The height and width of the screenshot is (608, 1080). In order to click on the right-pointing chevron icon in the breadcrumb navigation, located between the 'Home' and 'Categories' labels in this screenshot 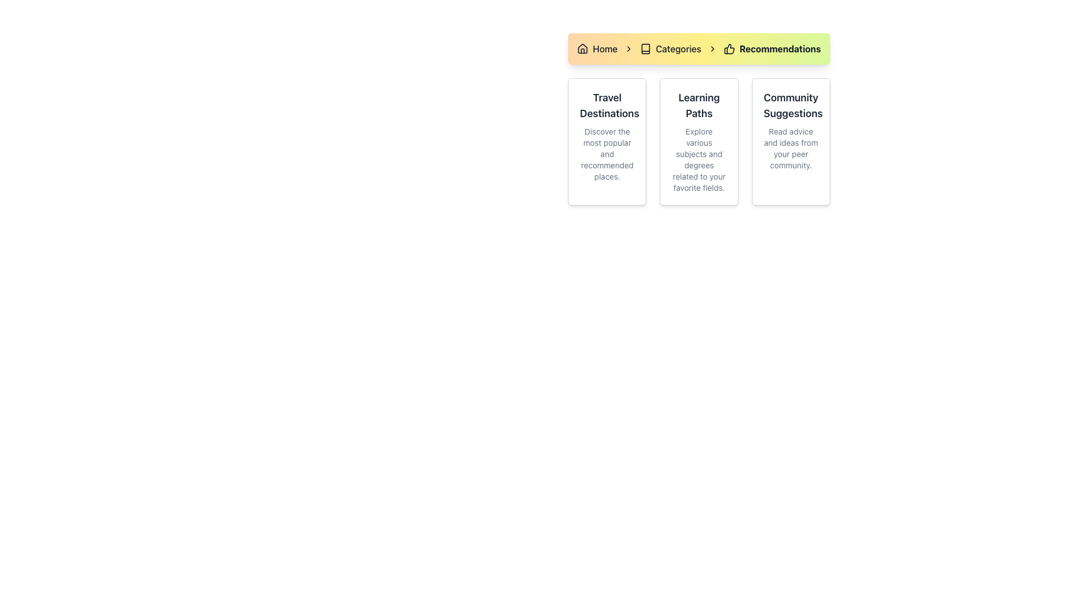, I will do `click(628, 48)`.